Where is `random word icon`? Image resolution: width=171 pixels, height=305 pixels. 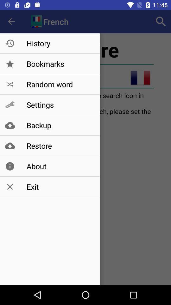 random word icon is located at coordinates (60, 84).